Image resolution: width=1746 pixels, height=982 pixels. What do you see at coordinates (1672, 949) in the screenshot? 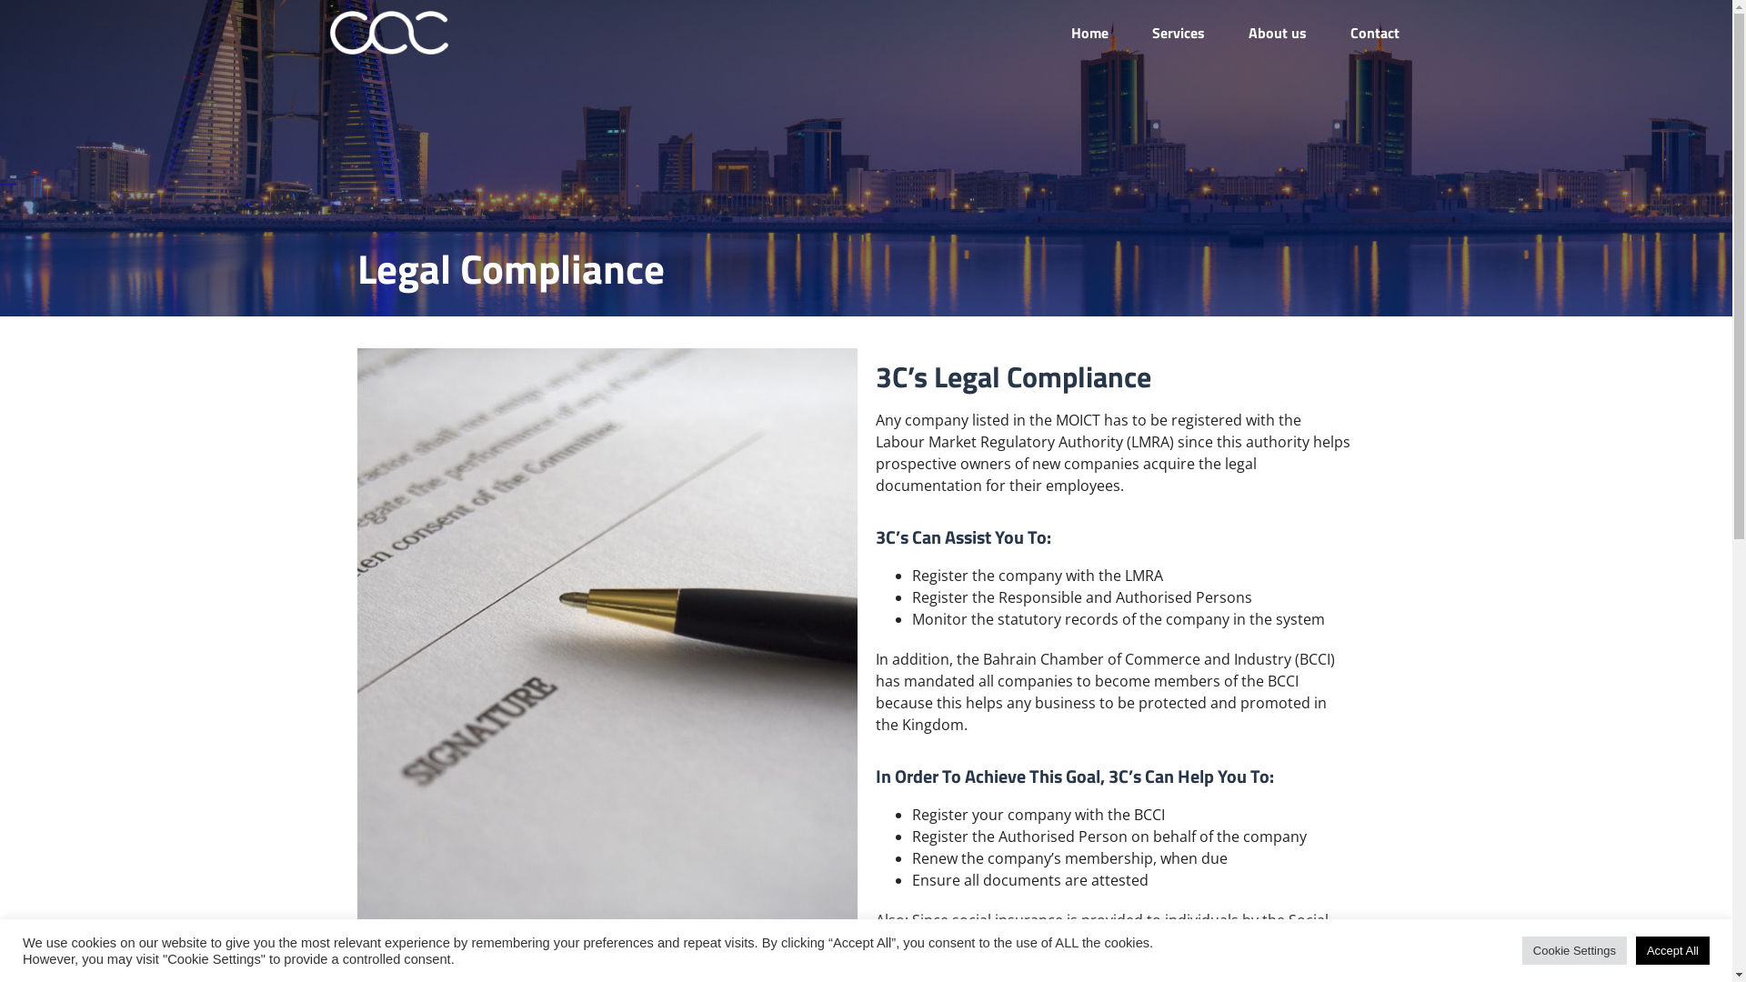
I see `'Accept All'` at bounding box center [1672, 949].